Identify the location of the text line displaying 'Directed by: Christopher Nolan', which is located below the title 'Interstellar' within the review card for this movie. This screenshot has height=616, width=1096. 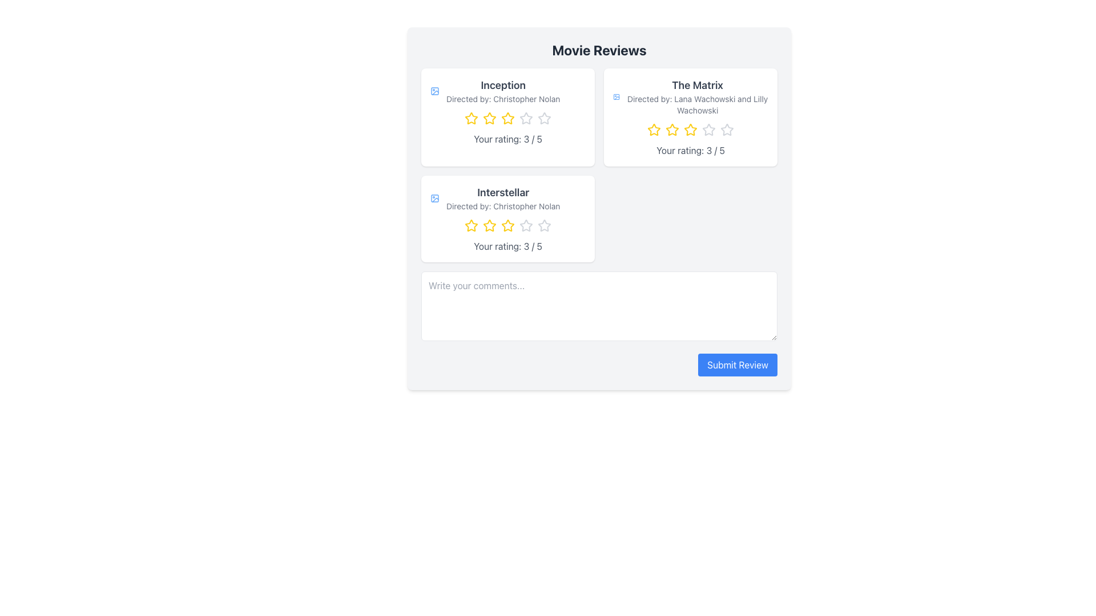
(502, 206).